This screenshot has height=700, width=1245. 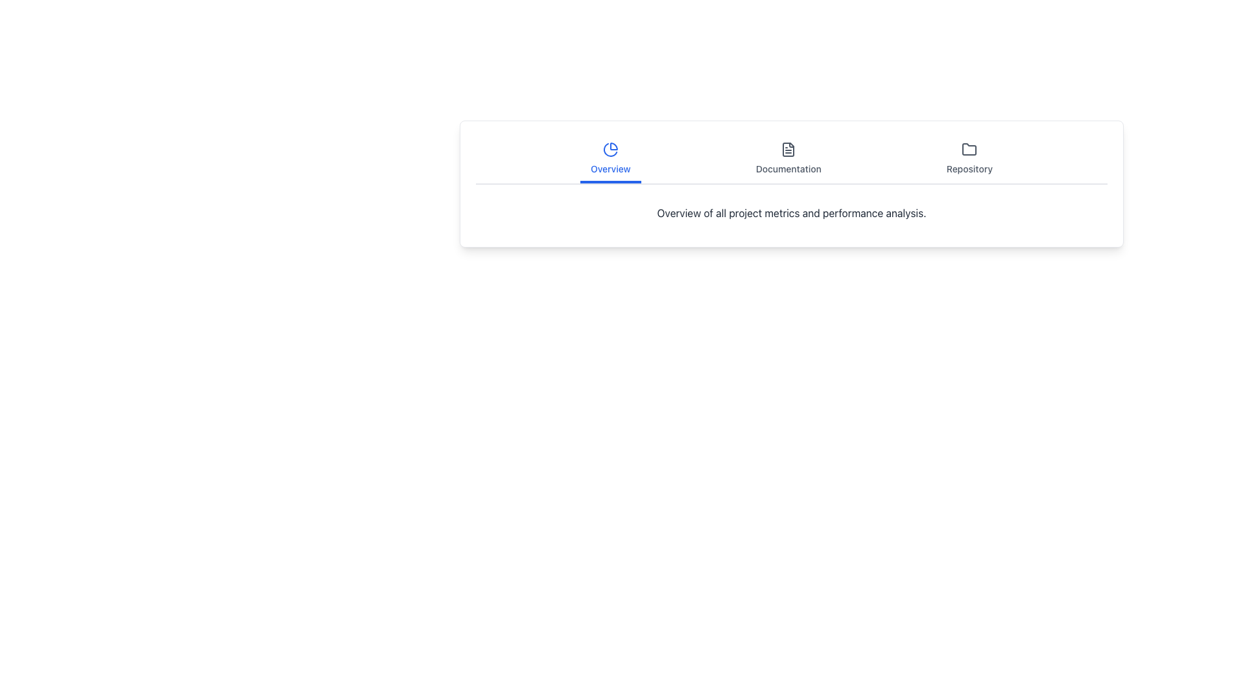 What do you see at coordinates (788, 159) in the screenshot?
I see `the 'Documentation' Navigation tab which features an icon resembling a document with lines and is positioned between 'Overview' and 'Repository'` at bounding box center [788, 159].